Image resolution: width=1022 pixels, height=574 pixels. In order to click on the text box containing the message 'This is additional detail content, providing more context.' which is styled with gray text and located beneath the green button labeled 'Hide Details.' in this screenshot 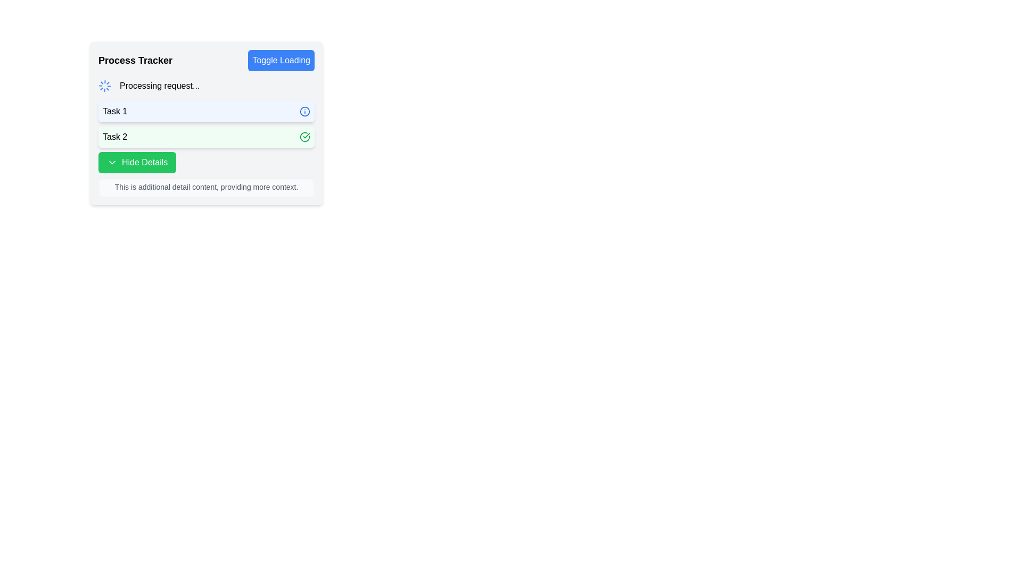, I will do `click(207, 186)`.